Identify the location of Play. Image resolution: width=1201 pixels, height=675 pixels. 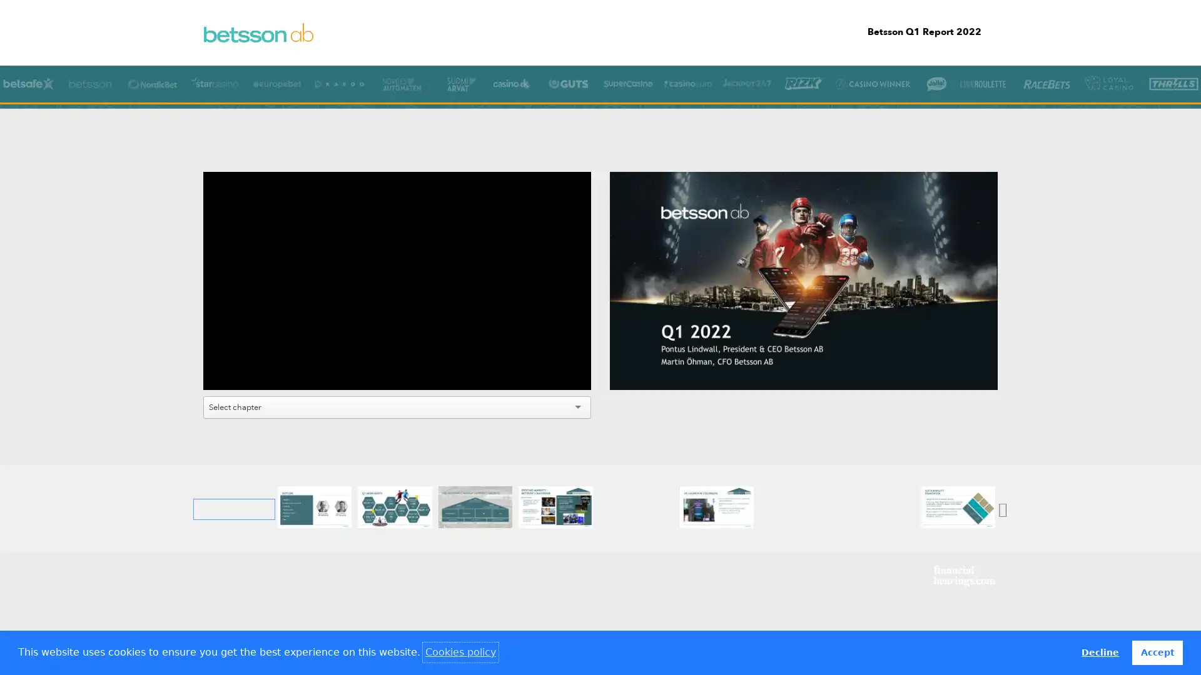
(222, 370).